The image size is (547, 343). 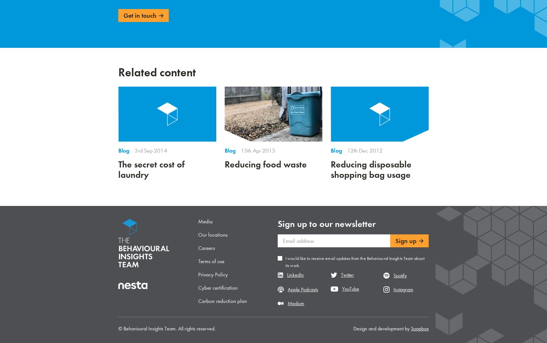 I want to click on 'Instagram', so click(x=403, y=289).